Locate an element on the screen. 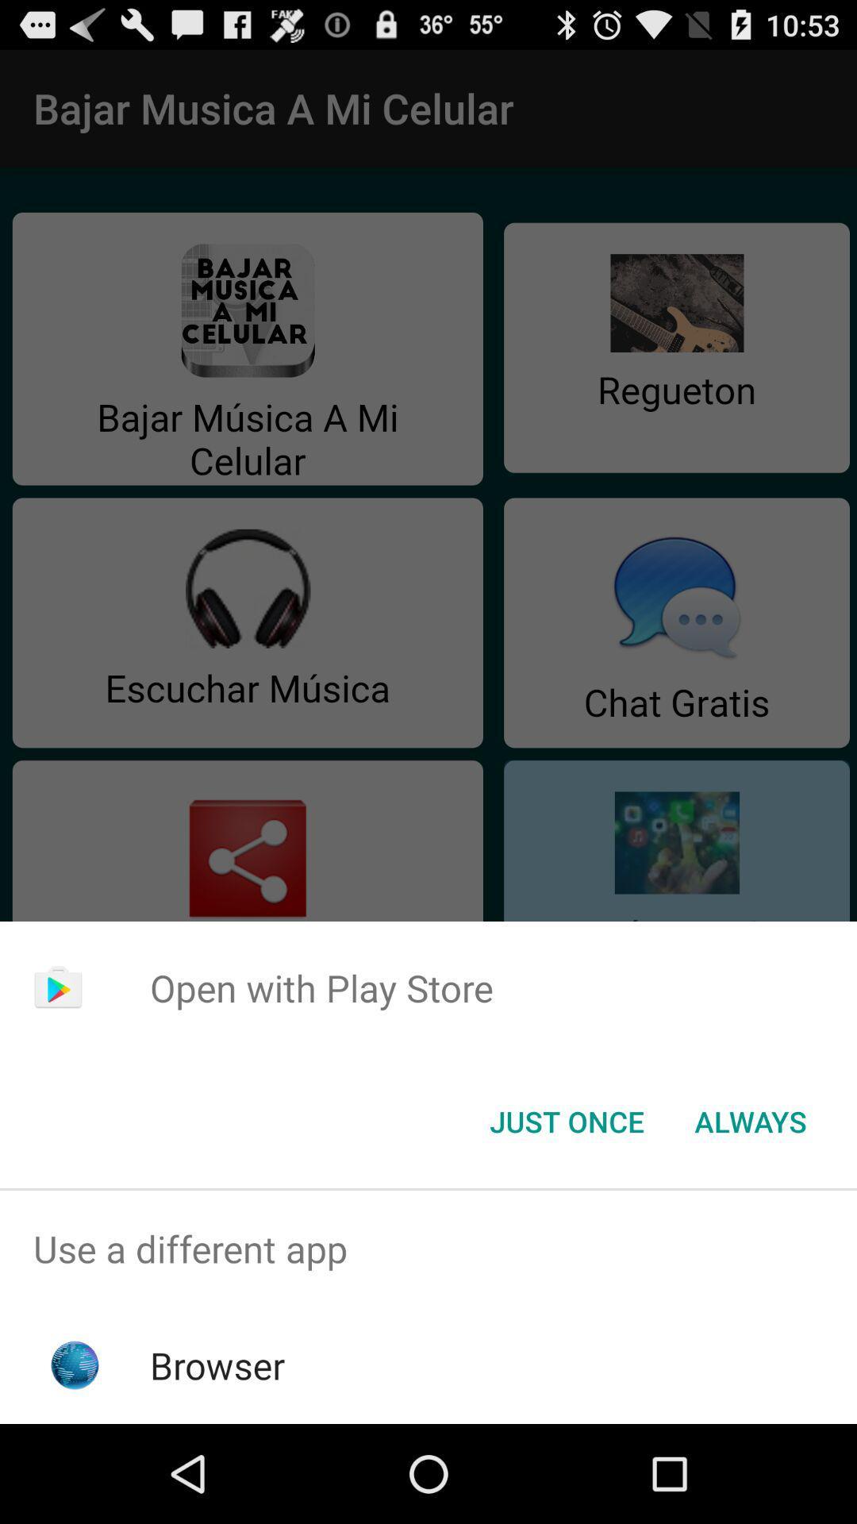 The width and height of the screenshot is (857, 1524). use a different app is located at coordinates (428, 1248).